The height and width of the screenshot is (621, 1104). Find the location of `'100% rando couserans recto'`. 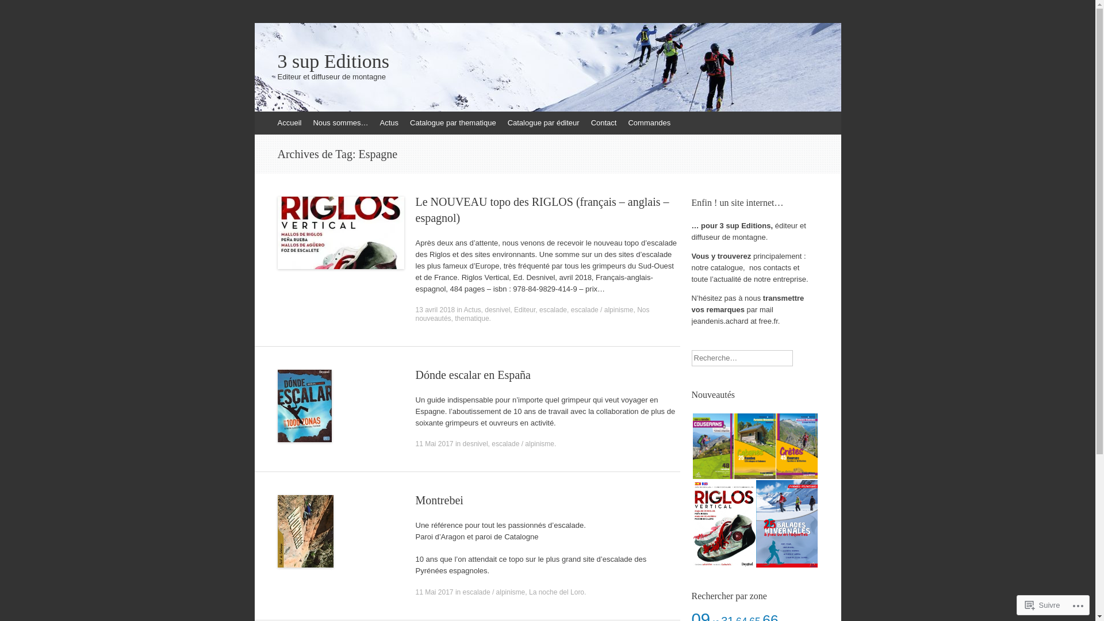

'100% rando couserans recto' is located at coordinates (692, 446).